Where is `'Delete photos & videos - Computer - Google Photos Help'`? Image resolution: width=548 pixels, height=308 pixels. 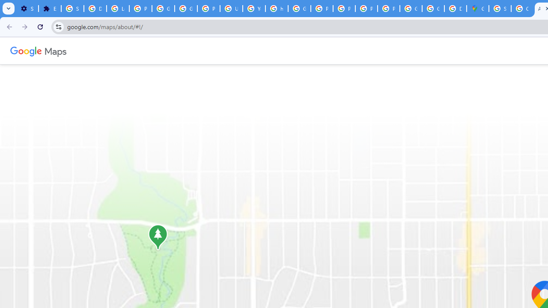 'Delete photos & videos - Computer - Google Photos Help' is located at coordinates (95, 9).